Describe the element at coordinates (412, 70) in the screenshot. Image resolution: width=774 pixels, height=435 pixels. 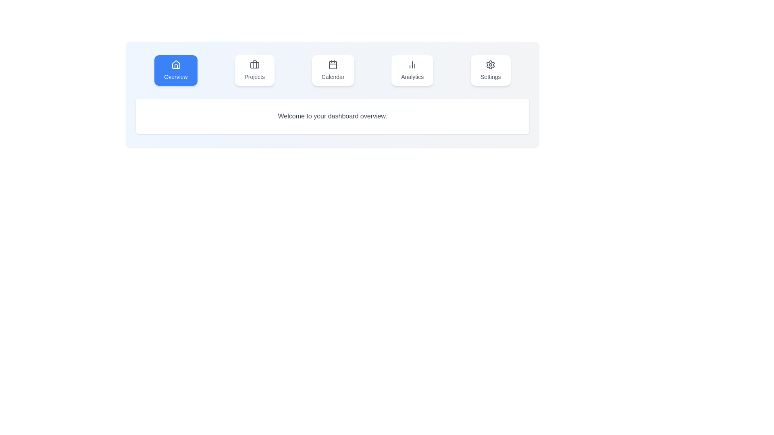
I see `the 'Analytics' button, which is a rectangular button with a bar chart icon and gray text, to observe its scaling effect` at that location.